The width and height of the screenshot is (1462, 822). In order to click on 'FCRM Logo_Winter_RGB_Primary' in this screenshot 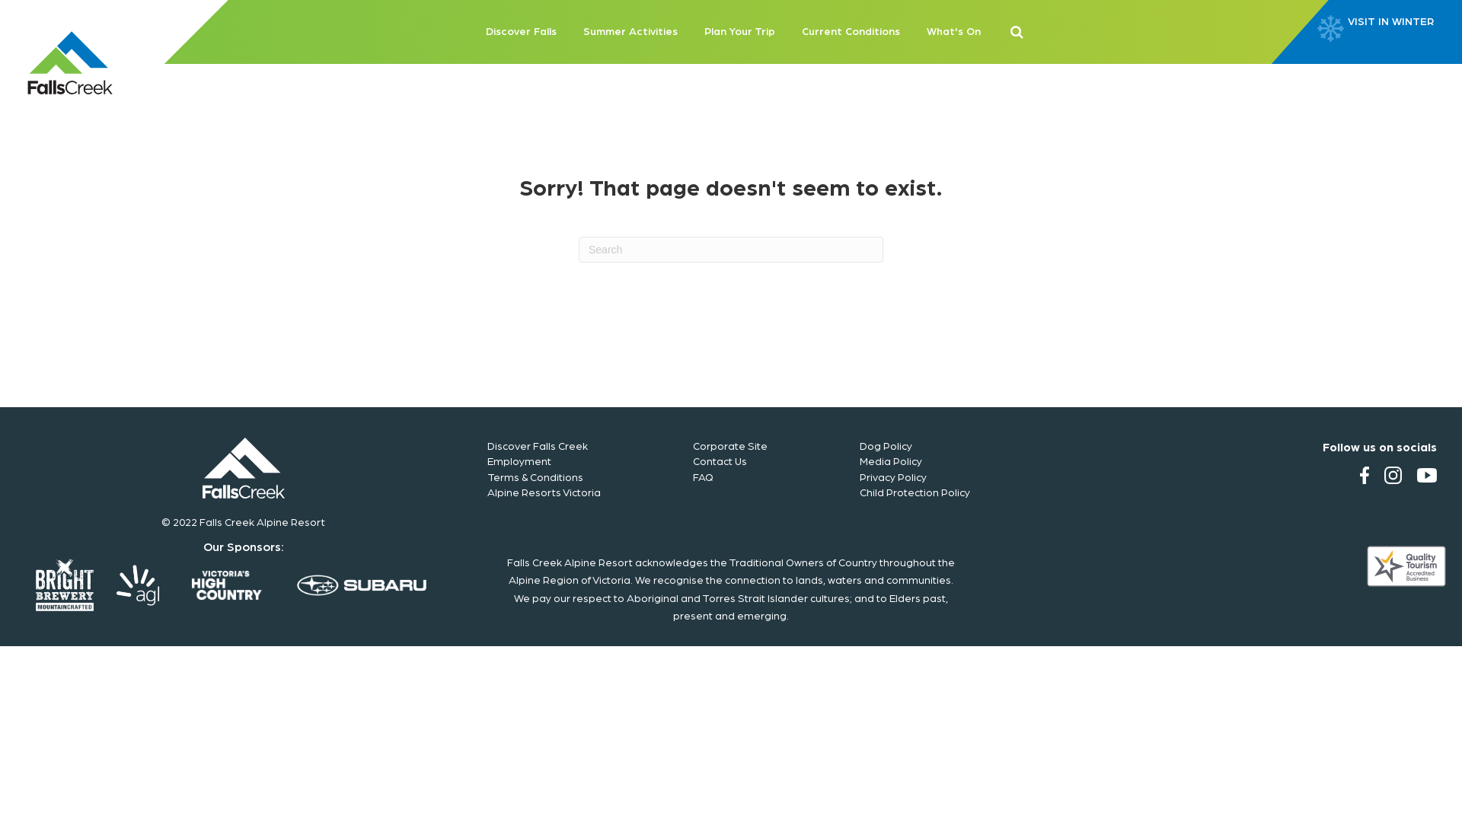, I will do `click(244, 467)`.